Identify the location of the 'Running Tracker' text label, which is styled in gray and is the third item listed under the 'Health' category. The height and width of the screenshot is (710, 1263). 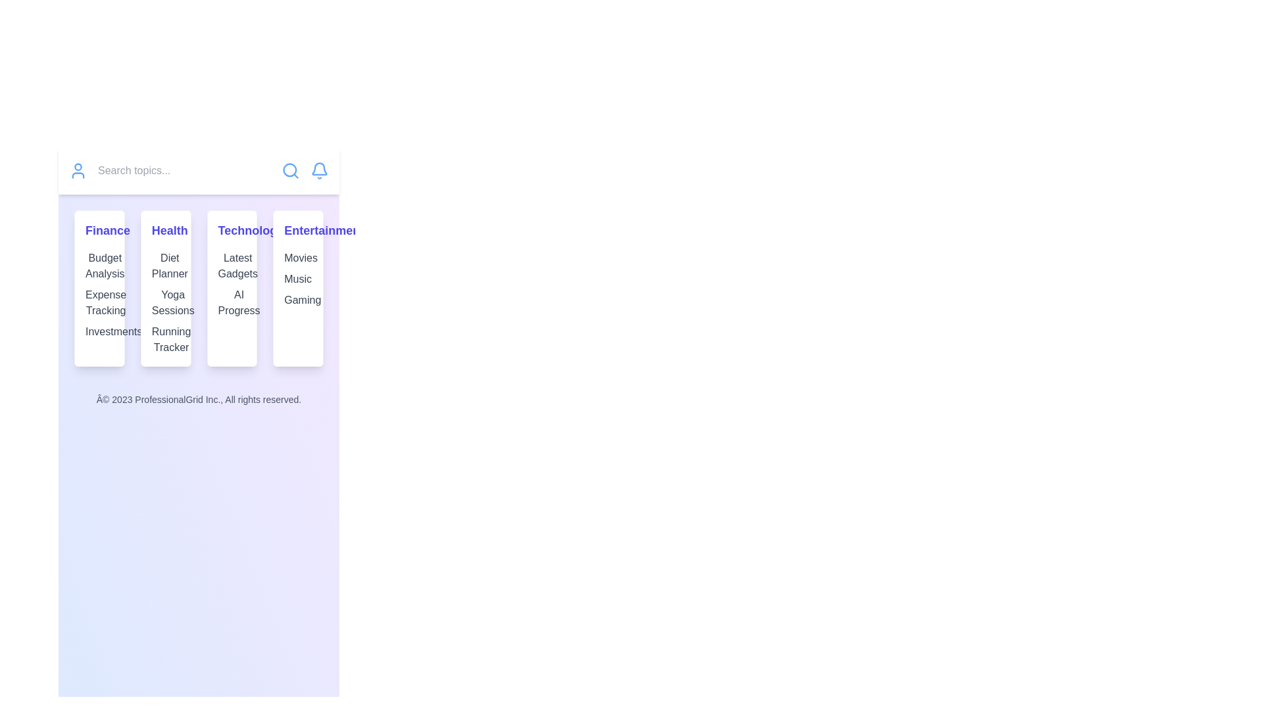
(165, 339).